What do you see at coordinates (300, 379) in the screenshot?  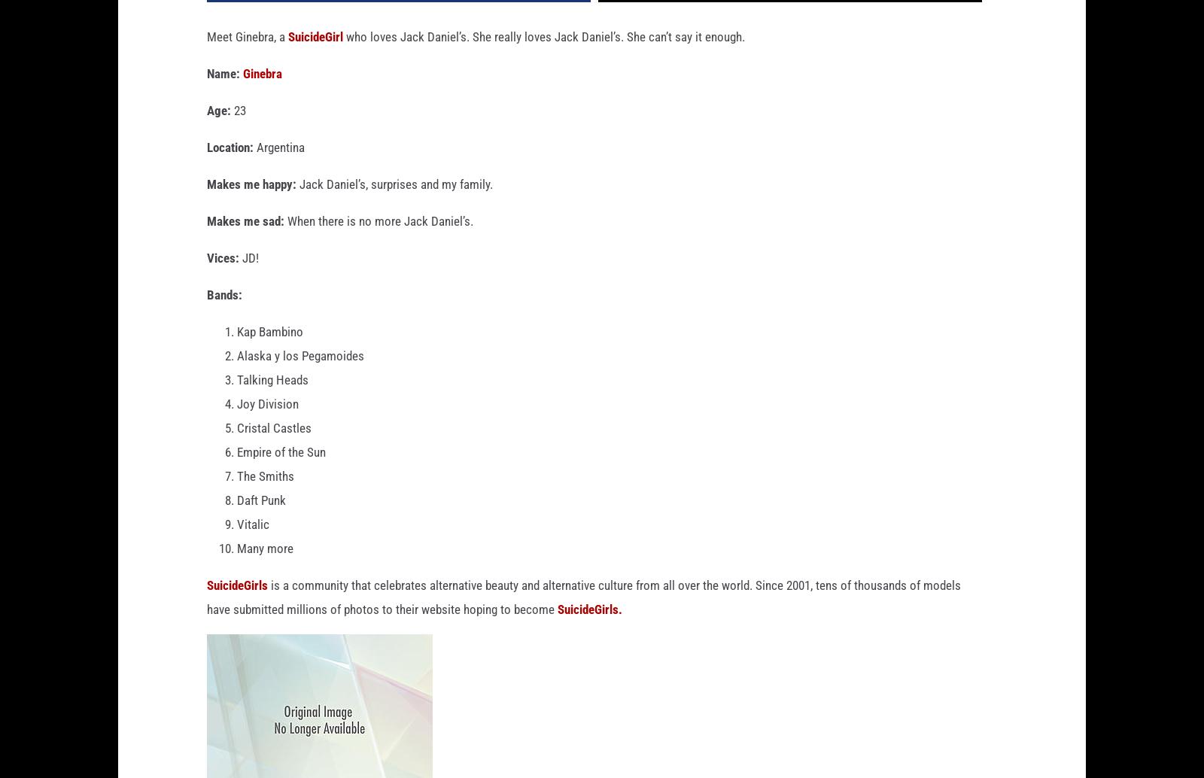 I see `'Alaska y los Pegamoides'` at bounding box center [300, 379].